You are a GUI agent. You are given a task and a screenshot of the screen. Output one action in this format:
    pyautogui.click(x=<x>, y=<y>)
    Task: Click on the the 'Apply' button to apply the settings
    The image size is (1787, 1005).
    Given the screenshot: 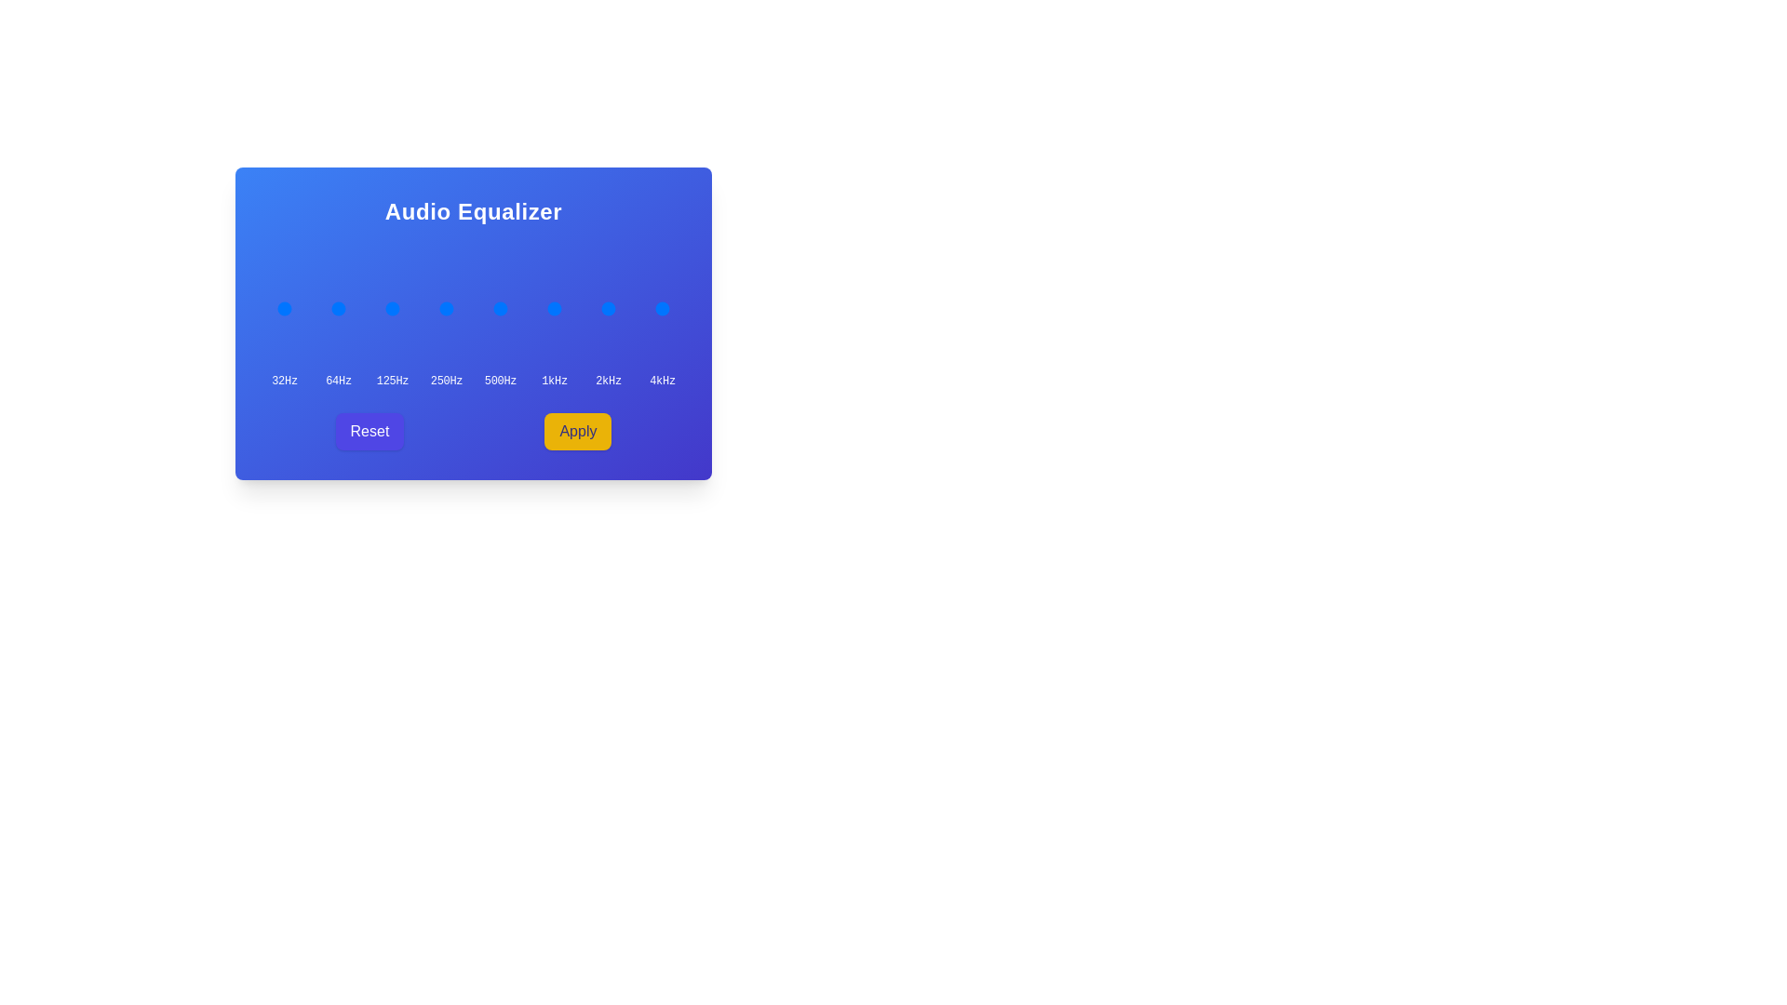 What is the action you would take?
    pyautogui.click(x=576, y=431)
    